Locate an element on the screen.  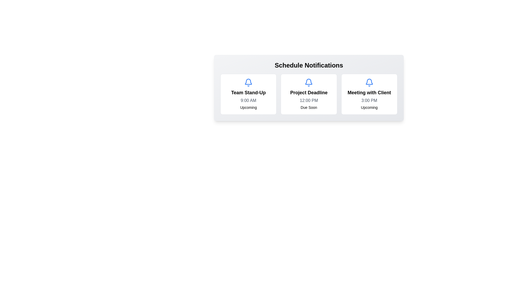
static text label displaying '9:00 AM' located below the 'Team Stand-Up' section and above the 'Upcoming' descriptor is located at coordinates (248, 101).